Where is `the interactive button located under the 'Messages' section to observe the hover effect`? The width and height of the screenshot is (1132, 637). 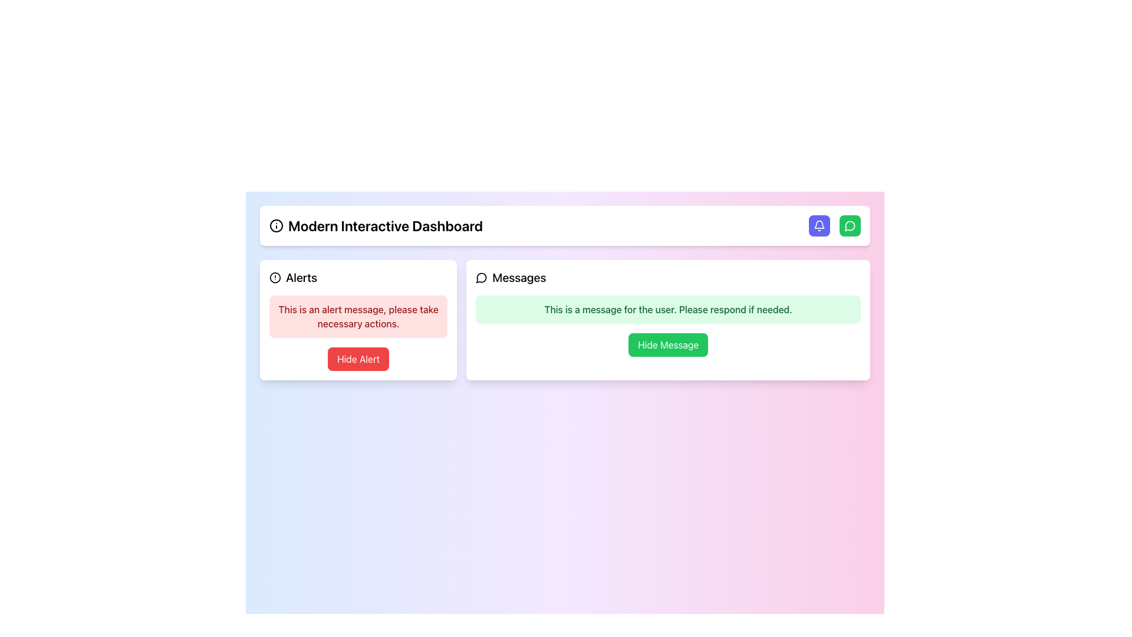
the interactive button located under the 'Messages' section to observe the hover effect is located at coordinates (668, 345).